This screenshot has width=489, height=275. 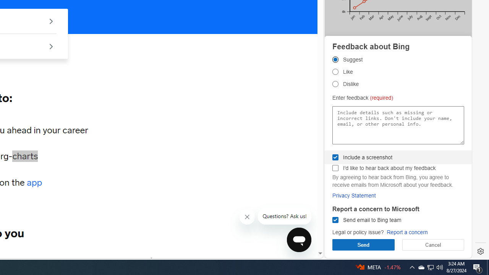 I want to click on 'app', so click(x=34, y=183).